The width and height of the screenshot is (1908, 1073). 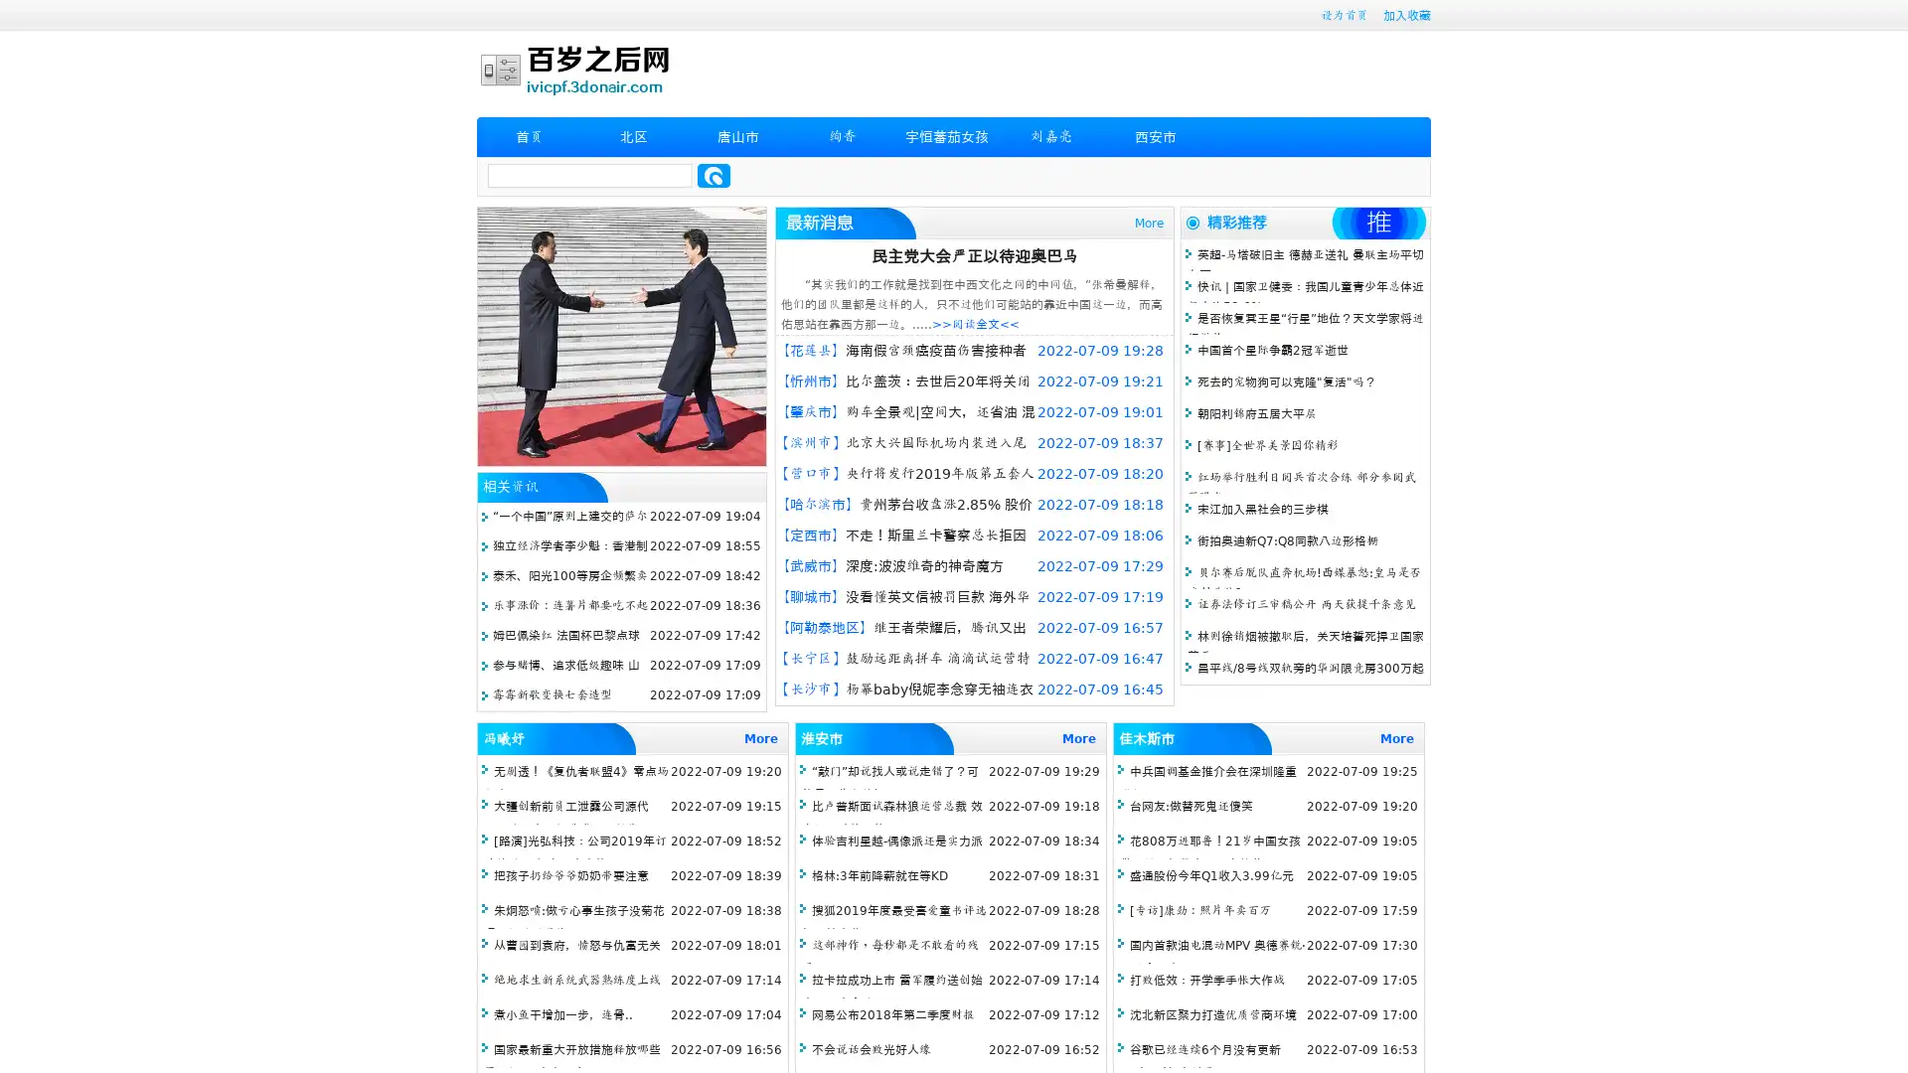 What do you see at coordinates (714, 175) in the screenshot?
I see `Search` at bounding box center [714, 175].